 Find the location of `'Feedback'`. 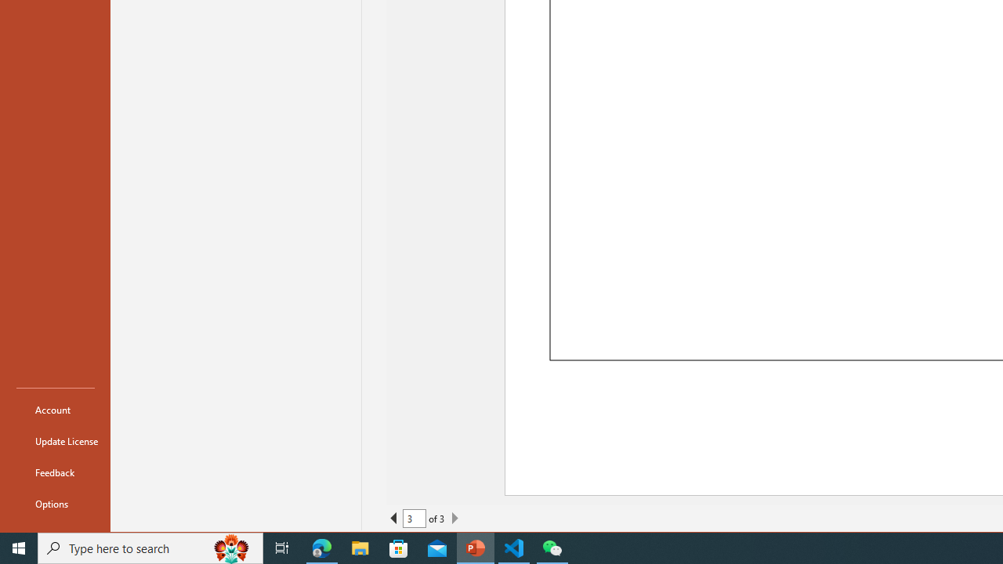

'Feedback' is located at coordinates (56, 472).